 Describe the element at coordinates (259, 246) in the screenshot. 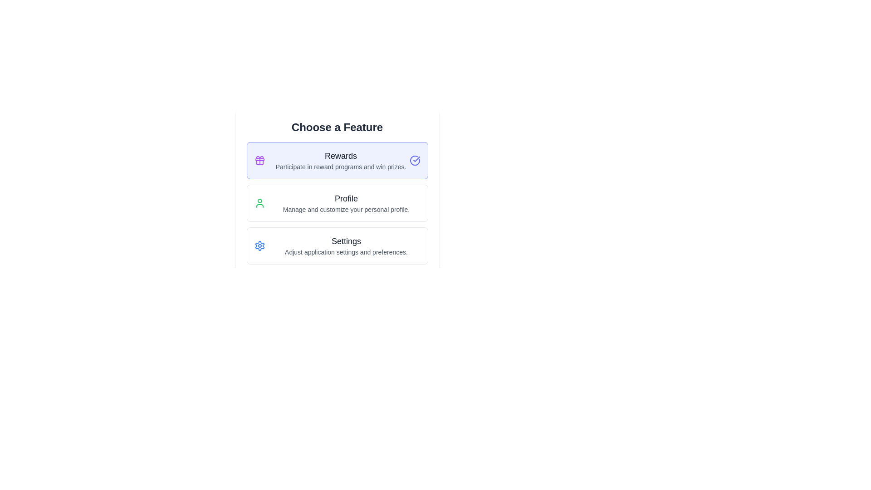

I see `the blue cogwheel icon located in the 'Settings' section, positioned between the 'Profile' and 'Rewards' sections` at that location.